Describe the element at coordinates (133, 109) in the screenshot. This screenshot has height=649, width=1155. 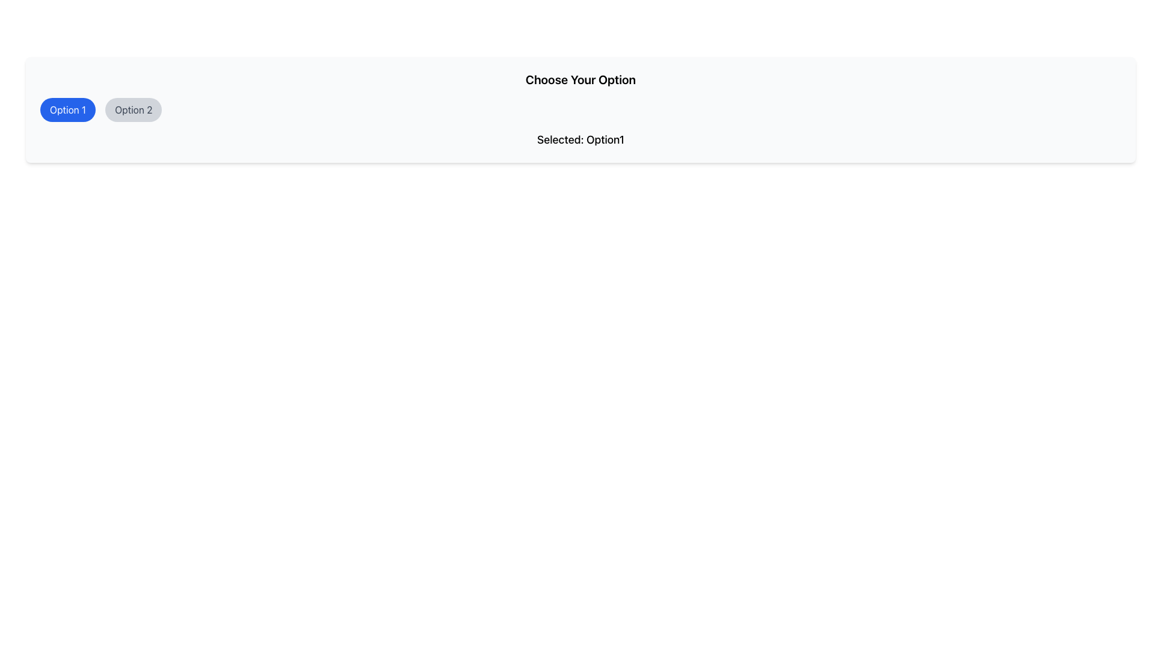
I see `the rounded button with a light gray background and dark gray text labeled 'Option 2'` at that location.